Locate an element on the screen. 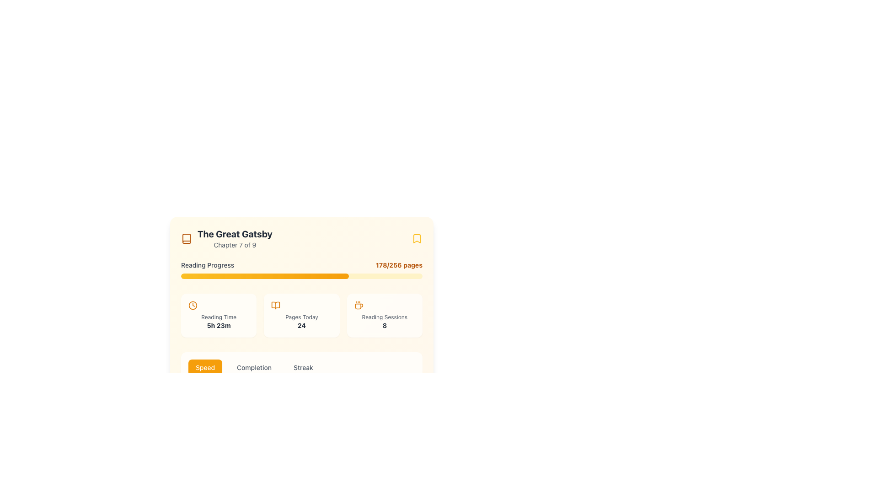 The height and width of the screenshot is (494, 878). the 'Speed' button, which is a rounded rectangular button with a vibrant amber background and white text is located at coordinates (205, 367).